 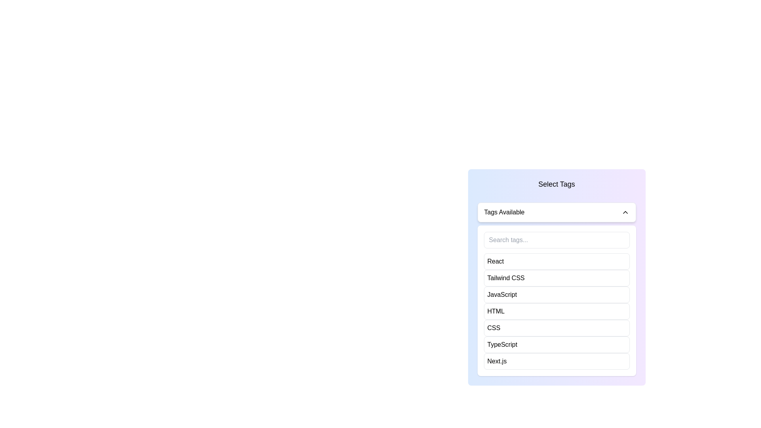 What do you see at coordinates (556, 311) in the screenshot?
I see `the selectable list item for 'HTML'` at bounding box center [556, 311].